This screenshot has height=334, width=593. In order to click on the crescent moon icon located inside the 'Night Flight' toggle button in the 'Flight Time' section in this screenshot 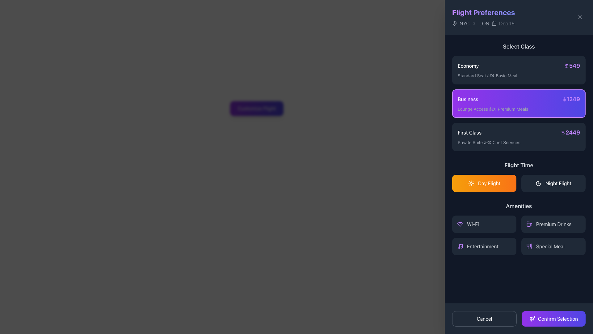, I will do `click(538, 183)`.